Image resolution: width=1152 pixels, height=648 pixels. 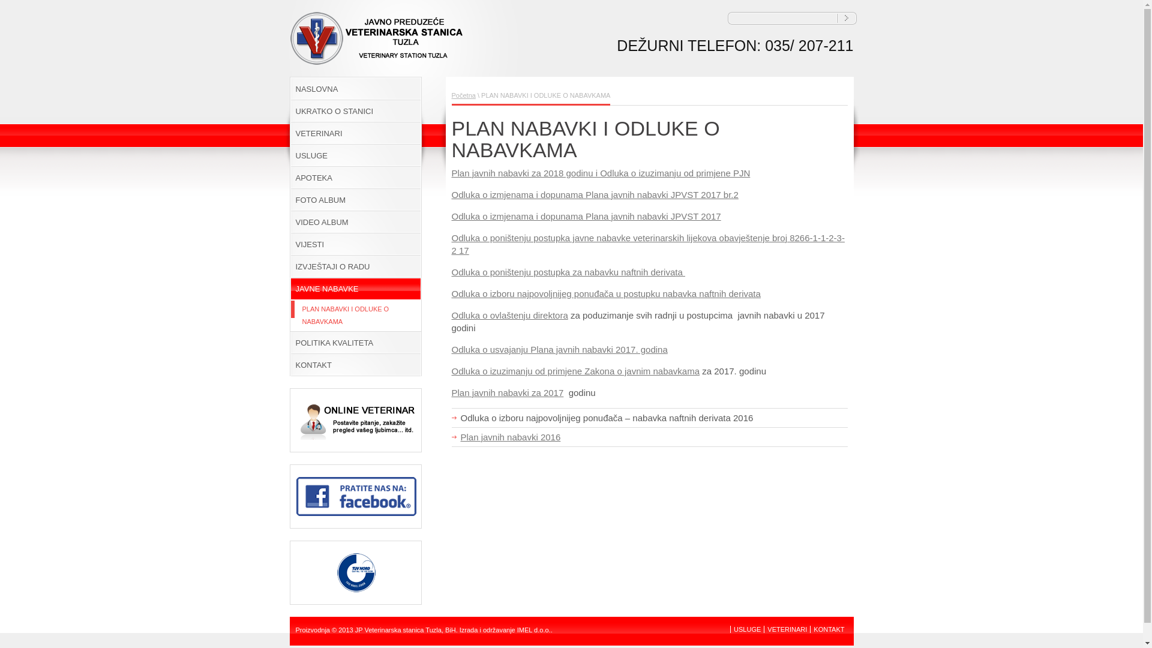 I want to click on 'Odluka o usvajanju Plana javnih nabavki 2017. godina', so click(x=558, y=349).